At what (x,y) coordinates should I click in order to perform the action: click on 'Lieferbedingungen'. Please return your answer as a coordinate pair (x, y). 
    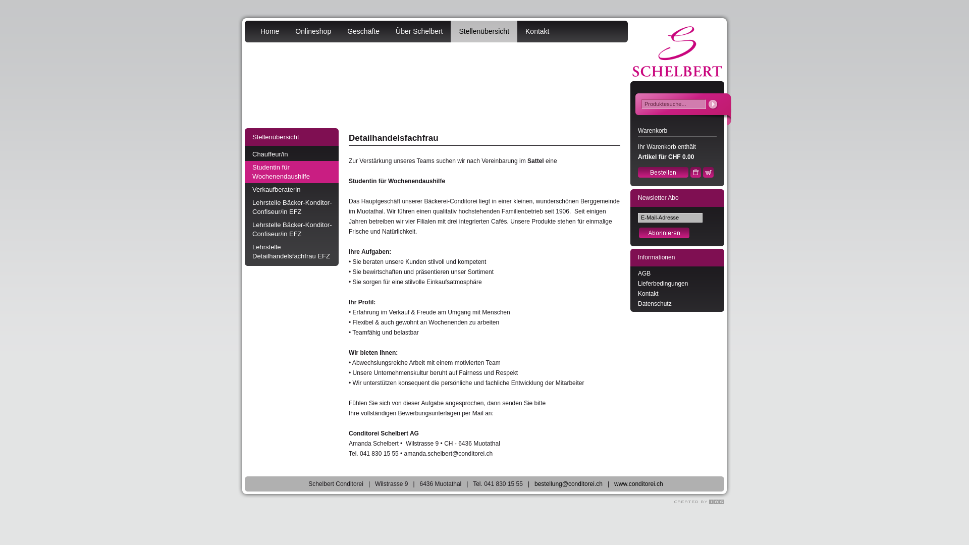
    Looking at the image, I should click on (663, 284).